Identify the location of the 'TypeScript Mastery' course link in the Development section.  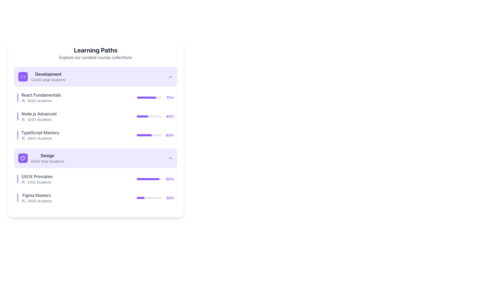
(95, 135).